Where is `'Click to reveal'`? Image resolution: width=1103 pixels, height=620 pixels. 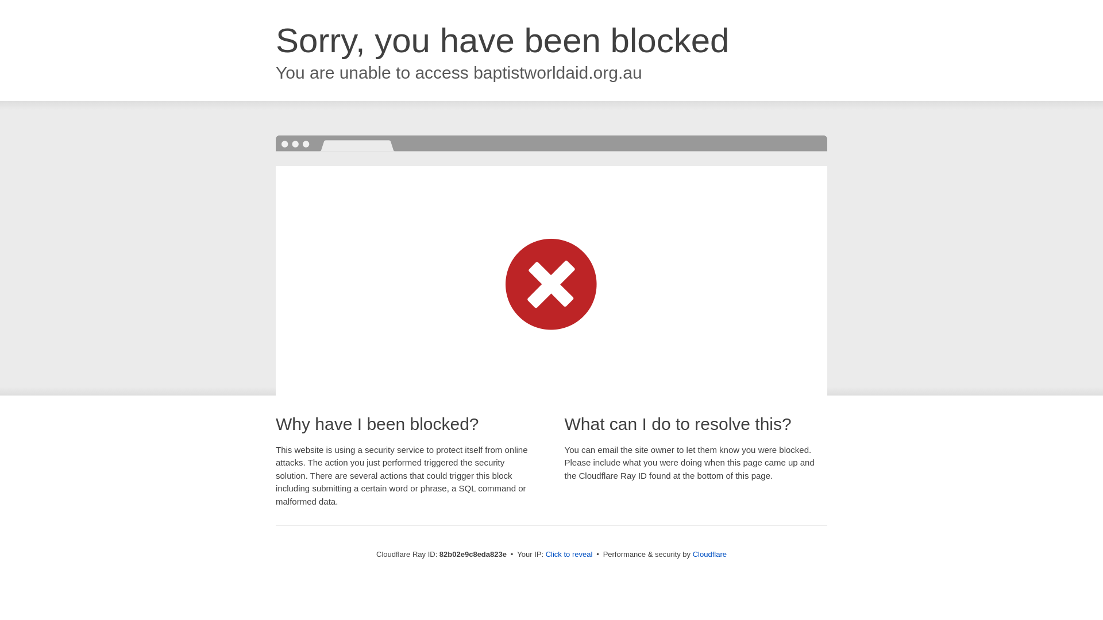 'Click to reveal' is located at coordinates (569, 553).